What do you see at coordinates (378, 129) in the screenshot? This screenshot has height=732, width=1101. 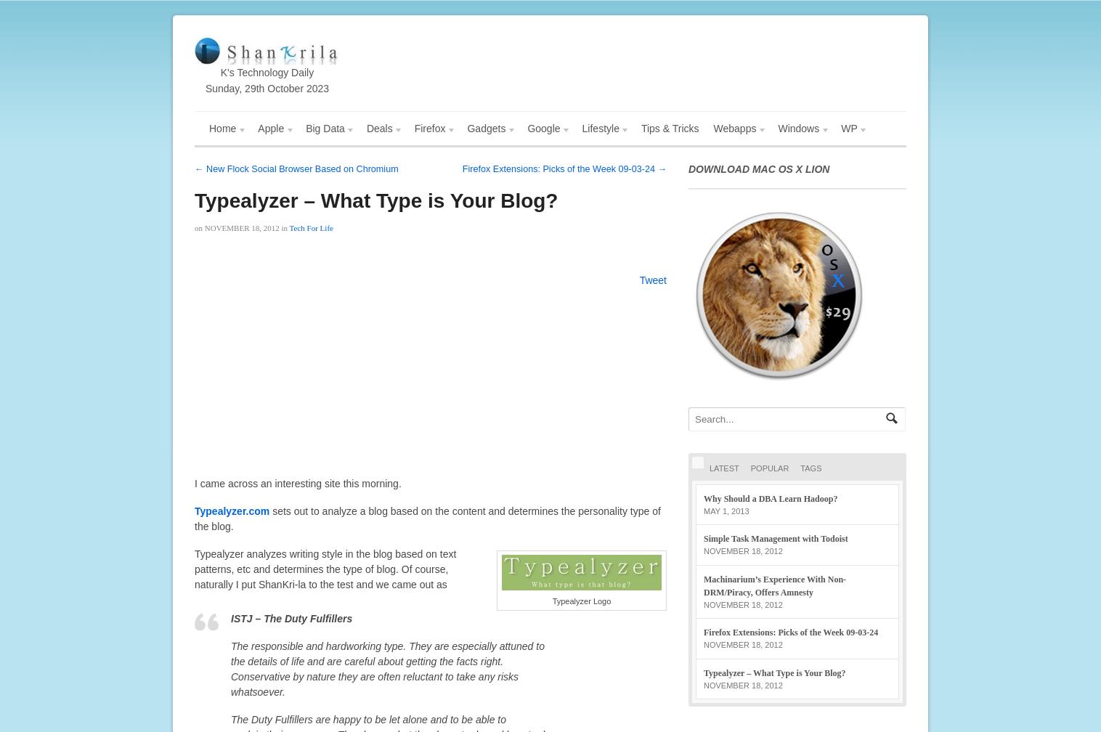 I see `'Deals'` at bounding box center [378, 129].